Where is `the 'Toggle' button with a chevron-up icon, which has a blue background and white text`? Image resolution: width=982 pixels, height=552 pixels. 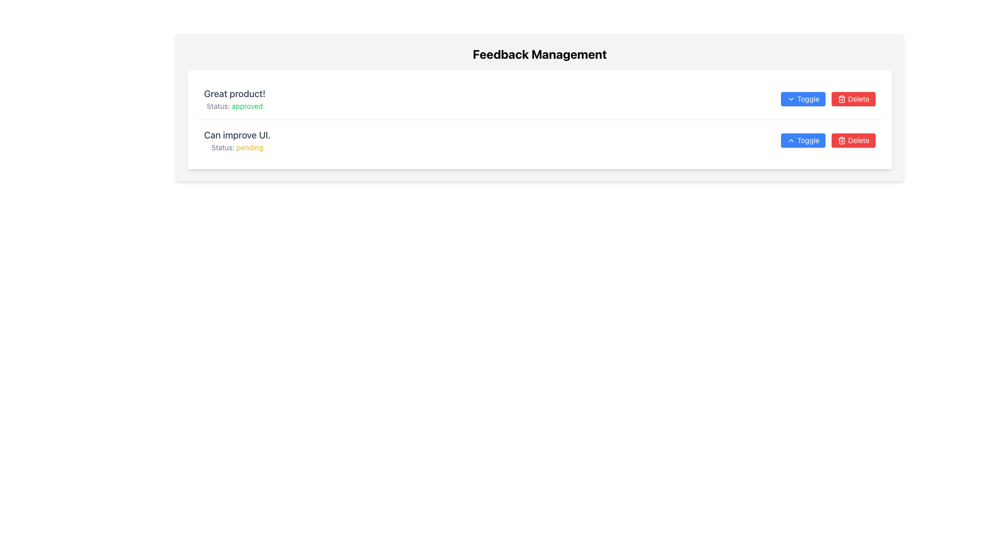
the 'Toggle' button with a chevron-up icon, which has a blue background and white text is located at coordinates (802, 140).